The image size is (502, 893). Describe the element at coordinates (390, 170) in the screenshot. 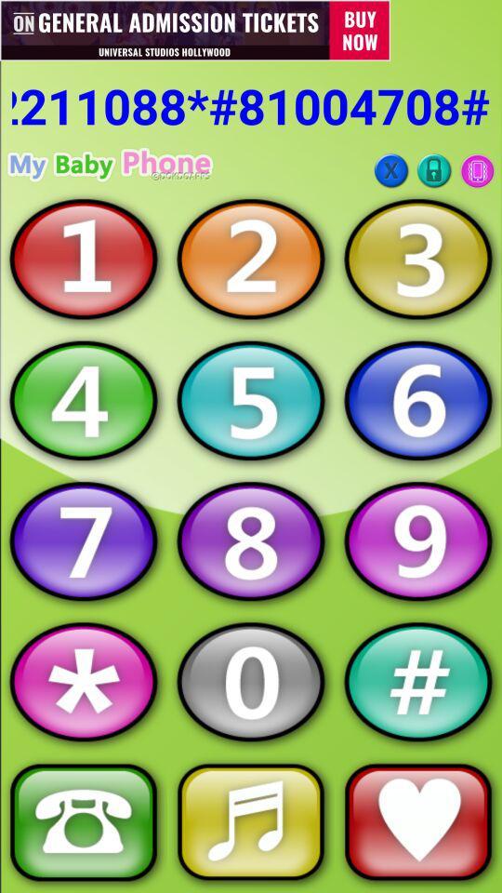

I see `the close icon` at that location.